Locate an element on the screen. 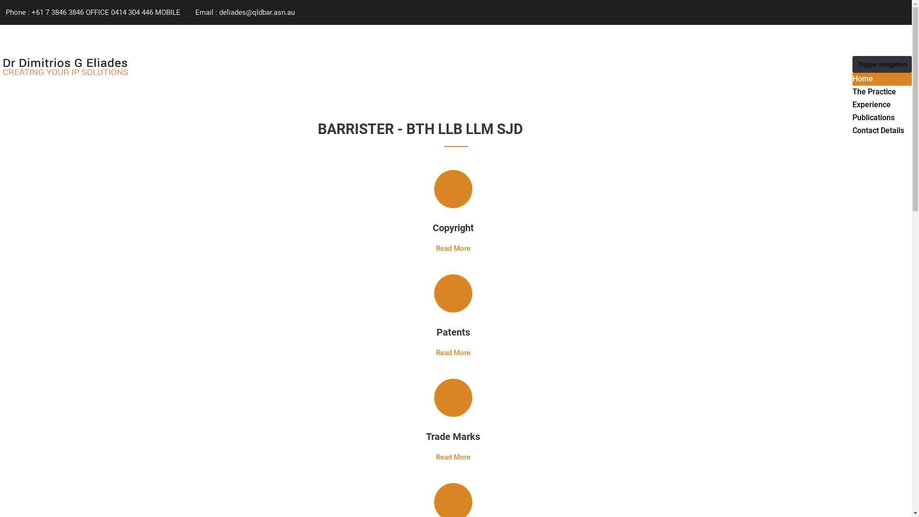 The width and height of the screenshot is (919, 517). 'The Practice' is located at coordinates (874, 91).